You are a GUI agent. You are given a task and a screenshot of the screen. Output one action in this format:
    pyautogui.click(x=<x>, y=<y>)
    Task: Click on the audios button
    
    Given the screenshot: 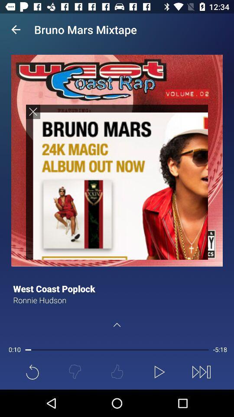 What is the action you would take?
    pyautogui.click(x=117, y=182)
    